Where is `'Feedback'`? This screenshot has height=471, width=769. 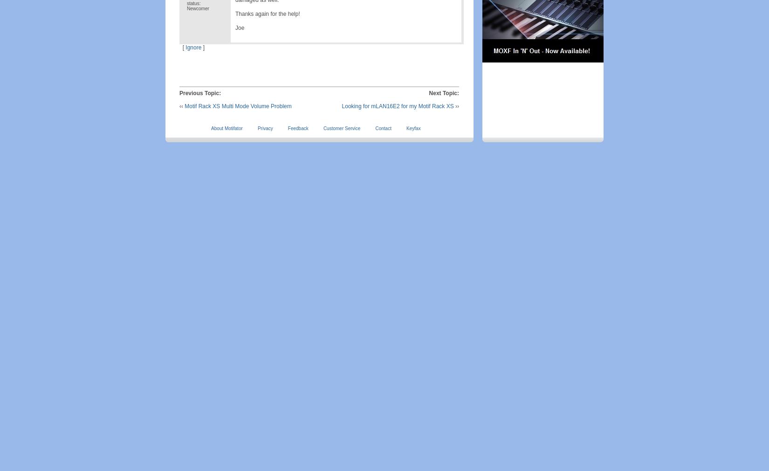 'Feedback' is located at coordinates (297, 128).